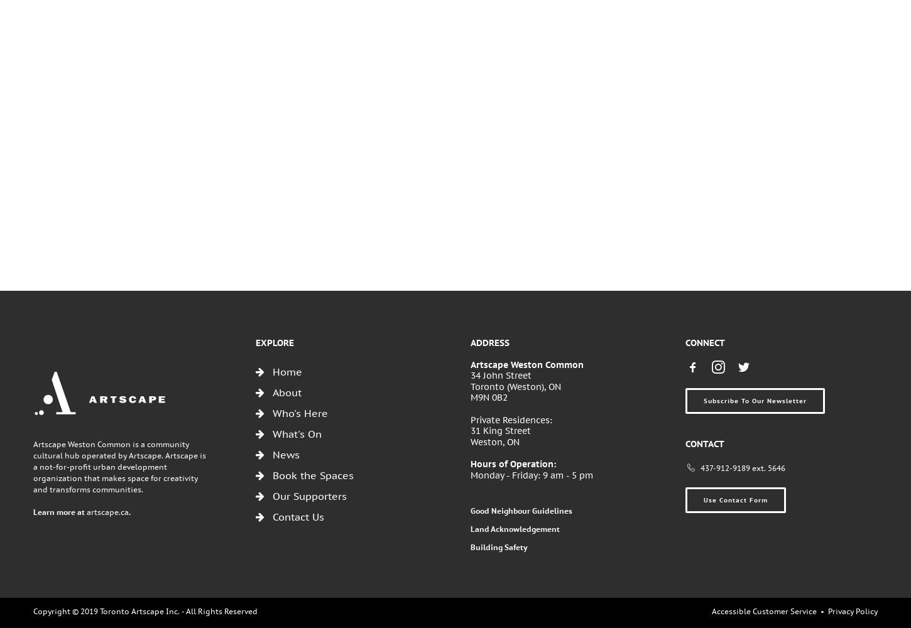 Image resolution: width=911 pixels, height=628 pixels. I want to click on 'Subscribe to Our Newsletter', so click(755, 400).